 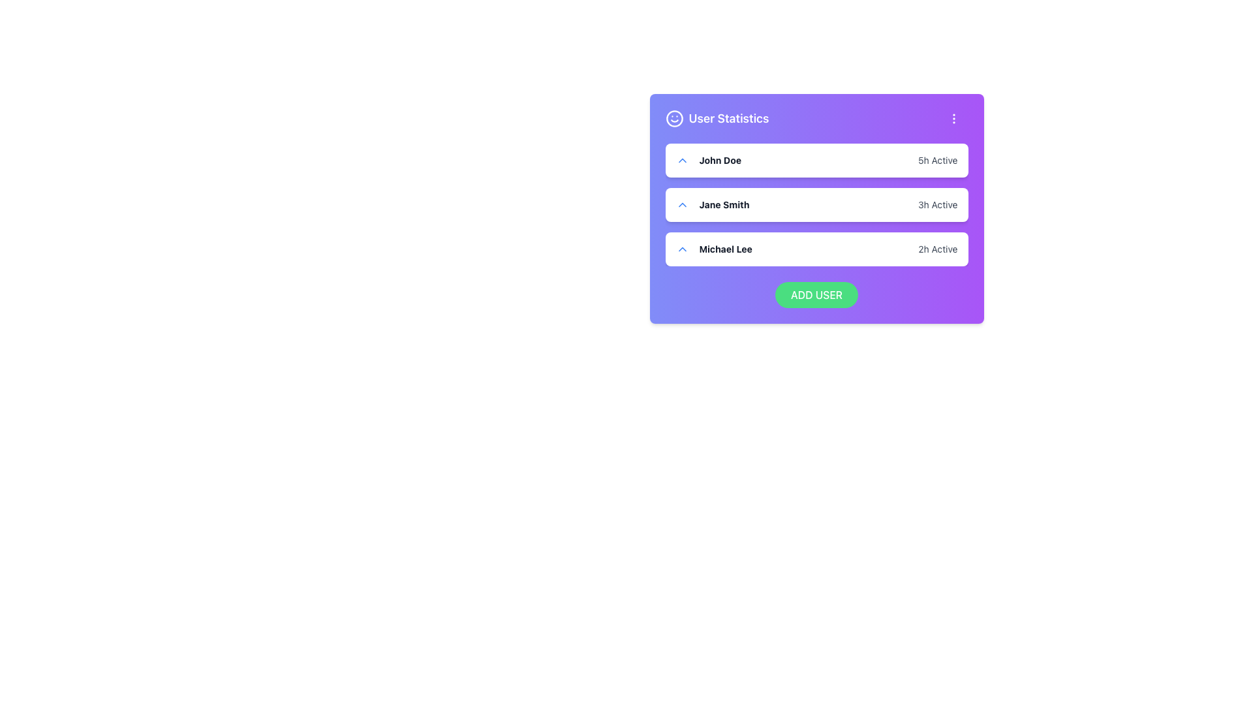 What do you see at coordinates (681, 204) in the screenshot?
I see `the blue chevron-up icon located in the 'Jane Smith' section of the list` at bounding box center [681, 204].